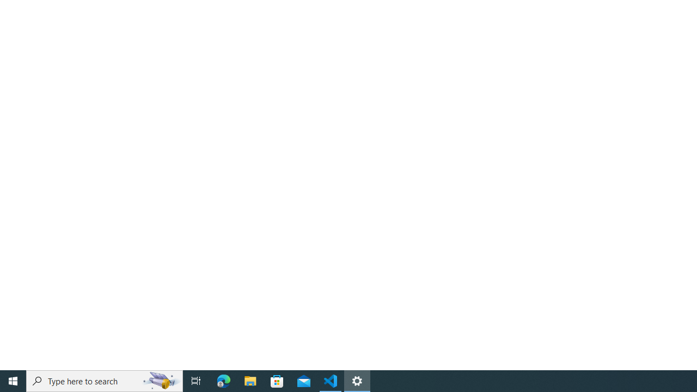 The image size is (697, 392). Describe the element at coordinates (357, 380) in the screenshot. I see `'Settings - 1 running window'` at that location.